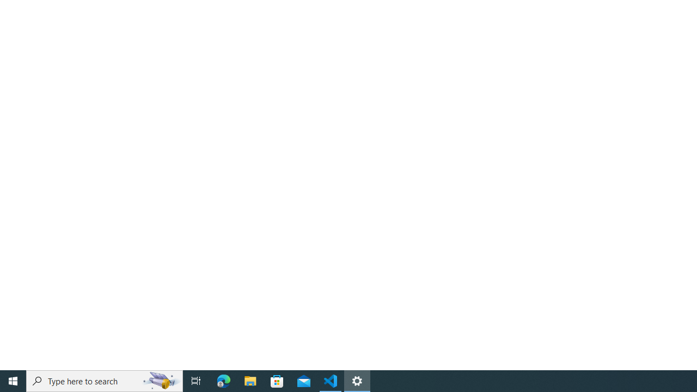 The image size is (697, 392). Describe the element at coordinates (357, 380) in the screenshot. I see `'Settings - 1 running window'` at that location.